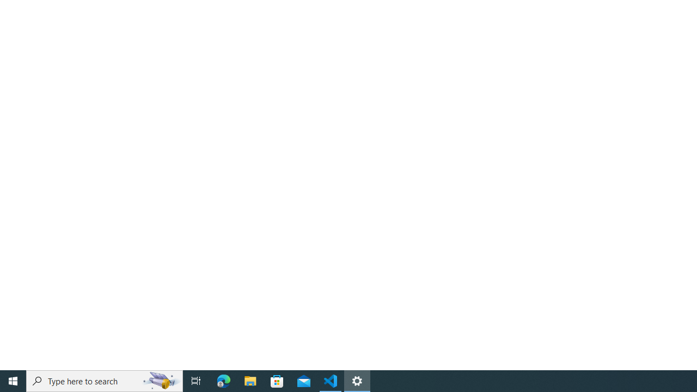 The image size is (697, 392). Describe the element at coordinates (357, 380) in the screenshot. I see `'Settings - 1 running window'` at that location.